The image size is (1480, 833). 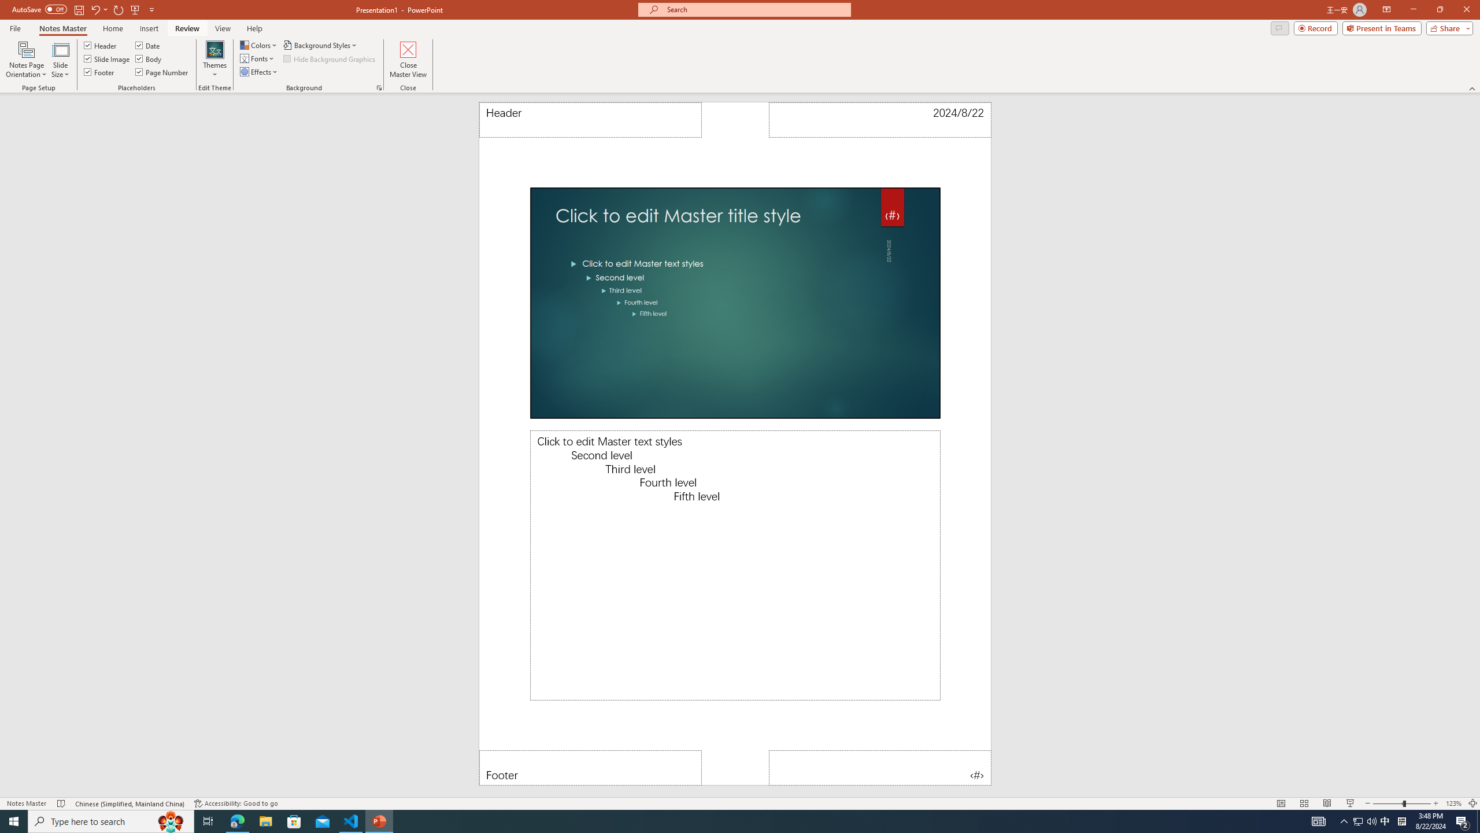 What do you see at coordinates (408, 60) in the screenshot?
I see `'Close Master View'` at bounding box center [408, 60].